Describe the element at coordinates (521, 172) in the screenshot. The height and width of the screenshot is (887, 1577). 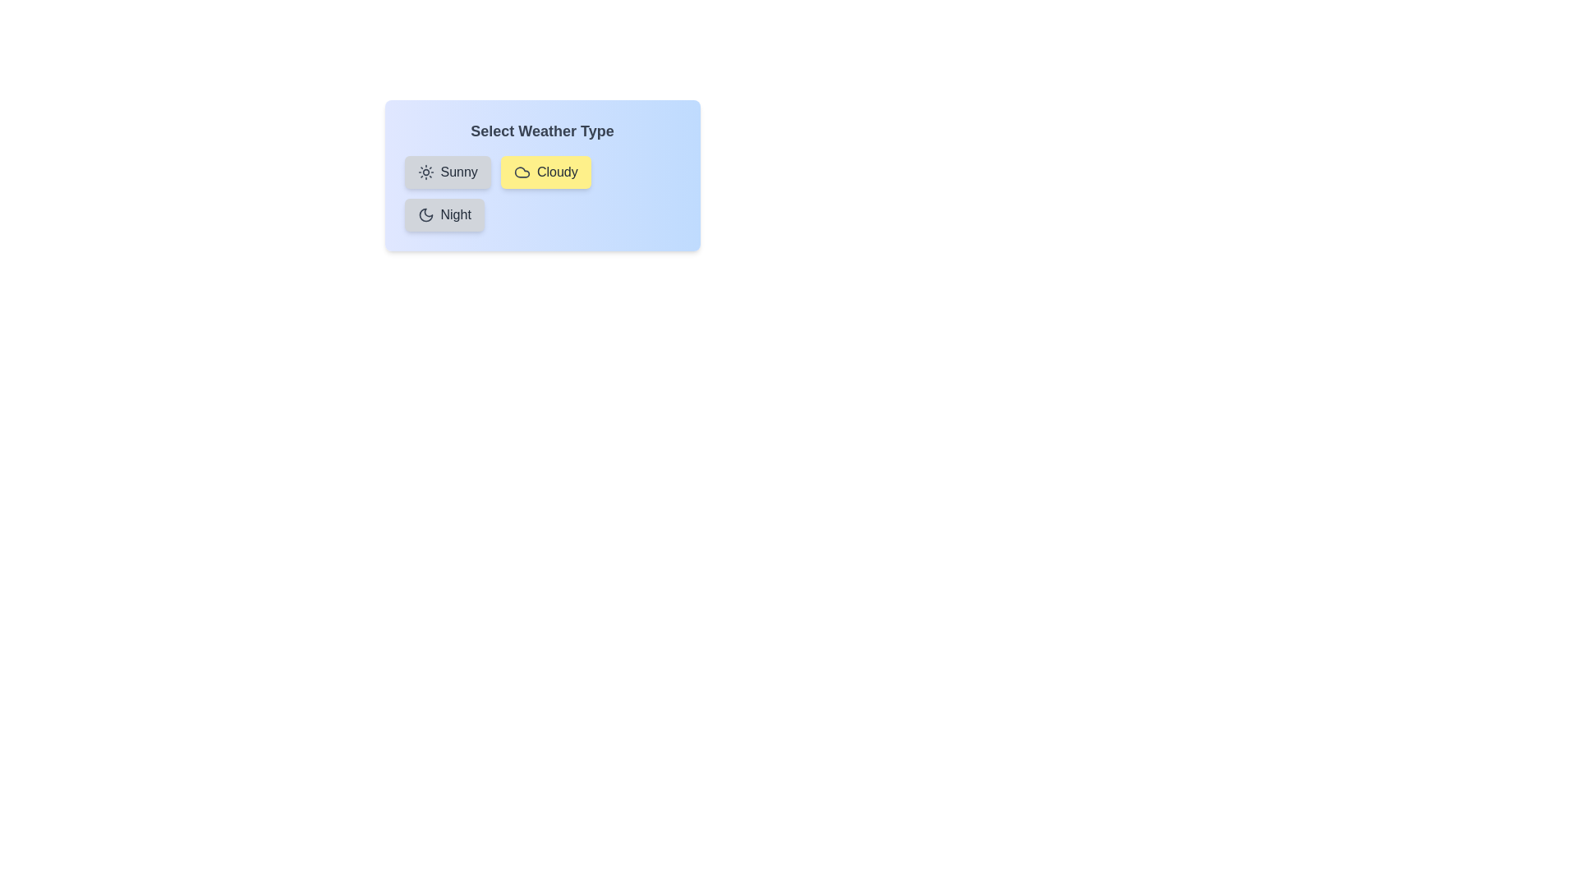
I see `the icon of the weather type Cloudy` at that location.